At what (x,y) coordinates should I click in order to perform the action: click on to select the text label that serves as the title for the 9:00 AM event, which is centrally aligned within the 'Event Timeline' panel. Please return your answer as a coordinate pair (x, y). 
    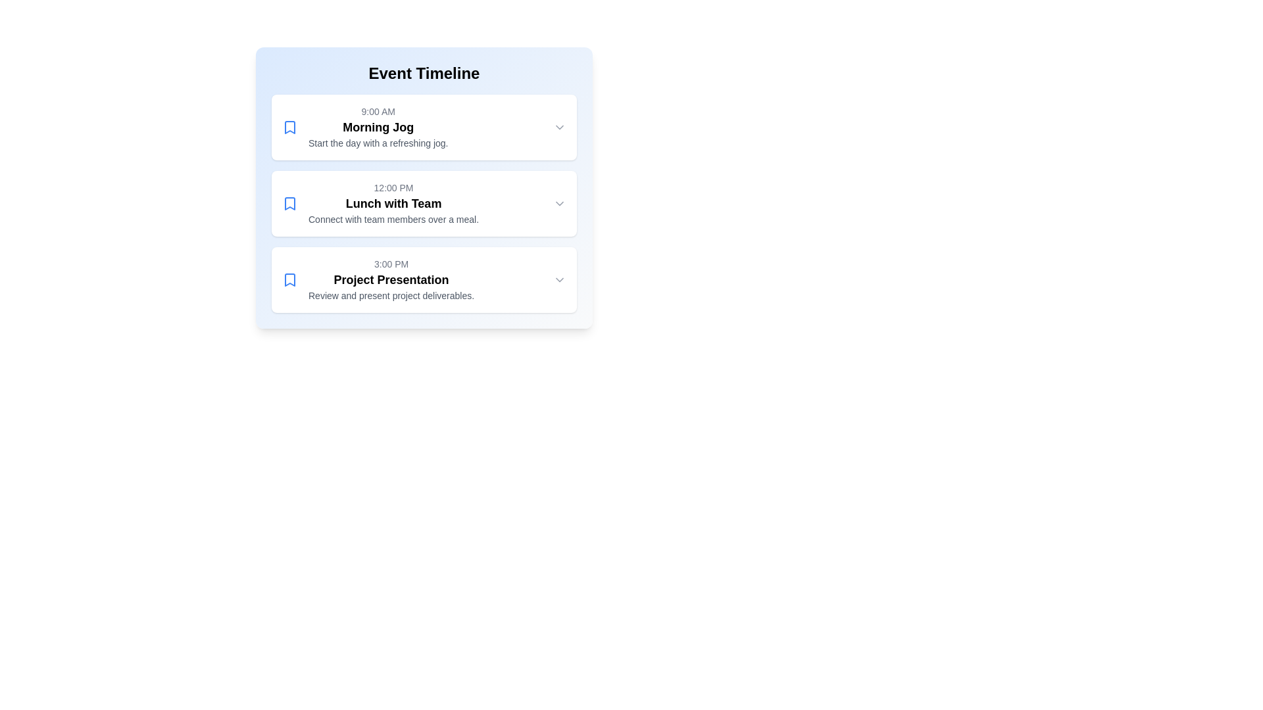
    Looking at the image, I should click on (378, 127).